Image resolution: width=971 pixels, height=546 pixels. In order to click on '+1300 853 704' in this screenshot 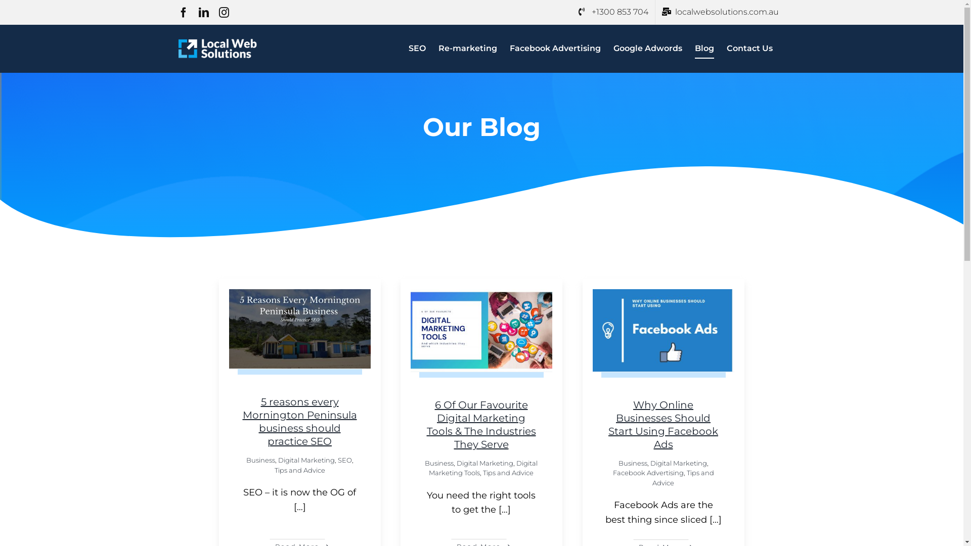, I will do `click(612, 12)`.